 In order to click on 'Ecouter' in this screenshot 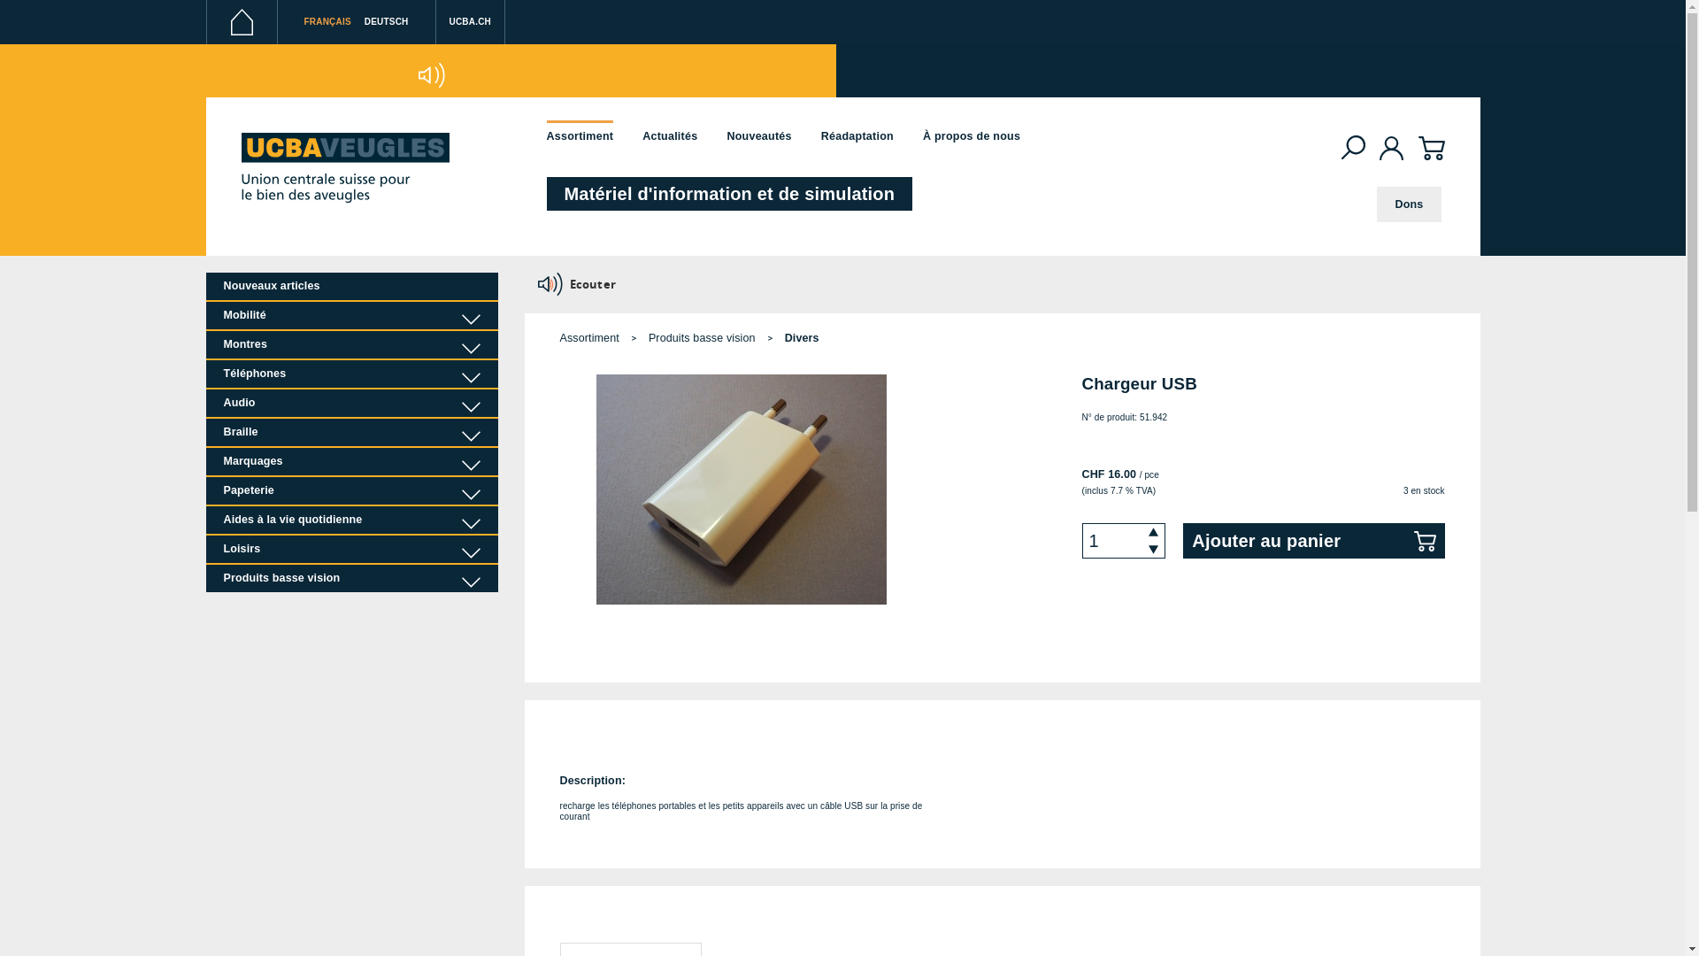, I will do `click(578, 282)`.